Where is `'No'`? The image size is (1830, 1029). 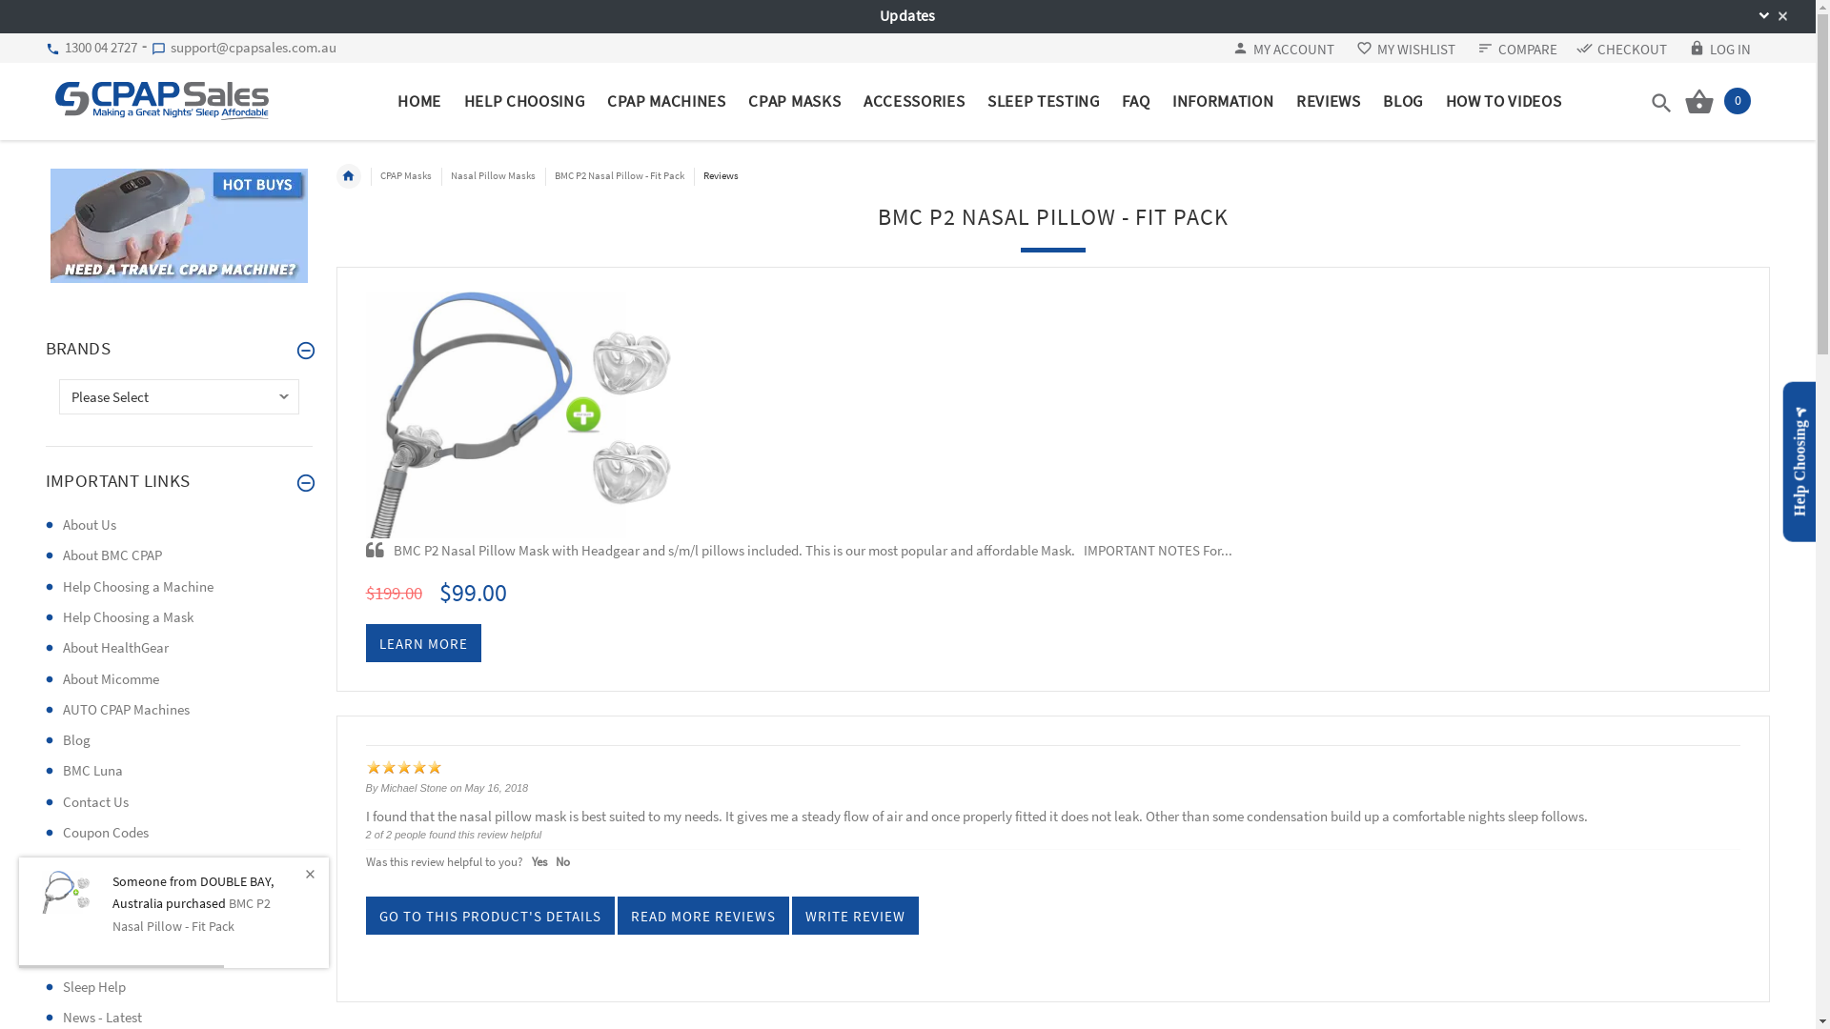
'No' is located at coordinates (561, 861).